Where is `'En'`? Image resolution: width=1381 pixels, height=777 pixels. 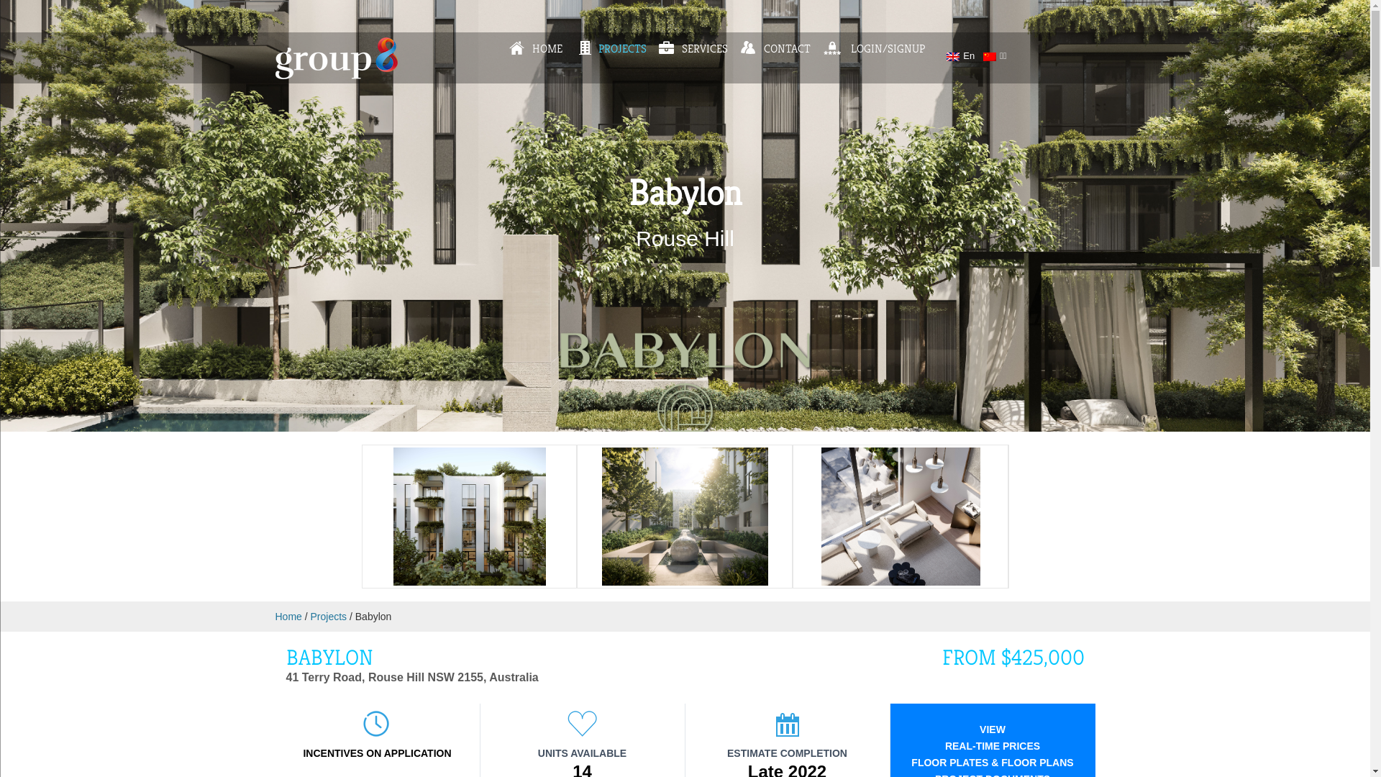 'En' is located at coordinates (960, 55).